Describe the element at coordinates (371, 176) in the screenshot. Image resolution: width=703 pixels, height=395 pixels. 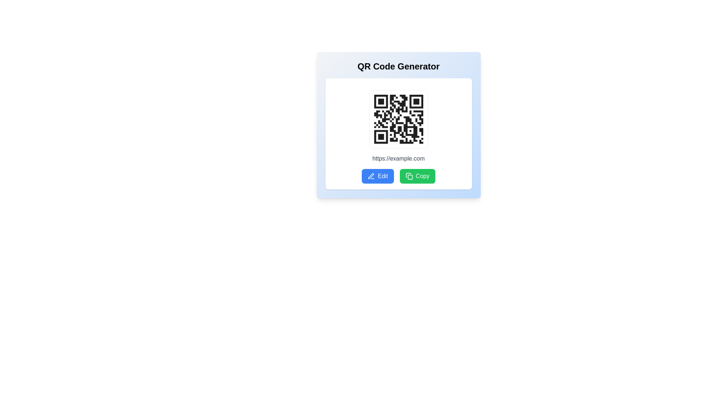
I see `the 'Edit' icon located to the left of the 'Edit' button text label, which visually represents the 'Edit' action` at that location.